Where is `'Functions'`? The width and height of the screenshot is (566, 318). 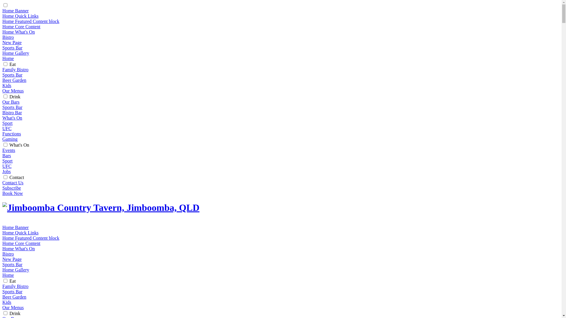
'Functions' is located at coordinates (11, 134).